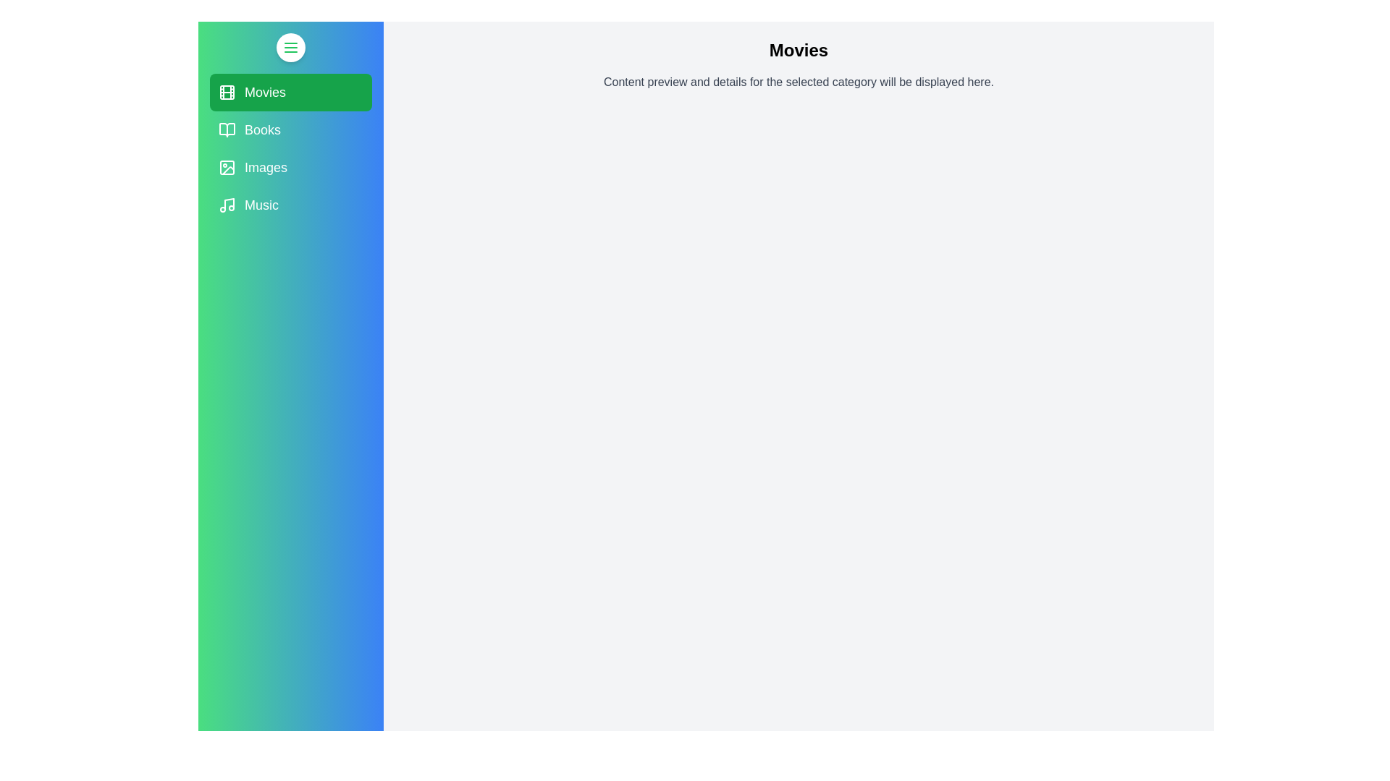 This screenshot has width=1390, height=781. What do you see at coordinates (290, 166) in the screenshot?
I see `the category Images to view its details` at bounding box center [290, 166].